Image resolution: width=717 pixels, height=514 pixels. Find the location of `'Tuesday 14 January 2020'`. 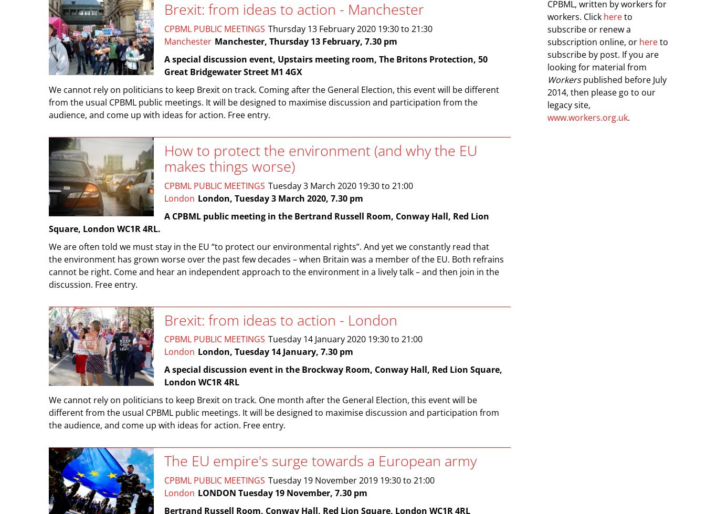

'Tuesday 14 January 2020' is located at coordinates (268, 339).